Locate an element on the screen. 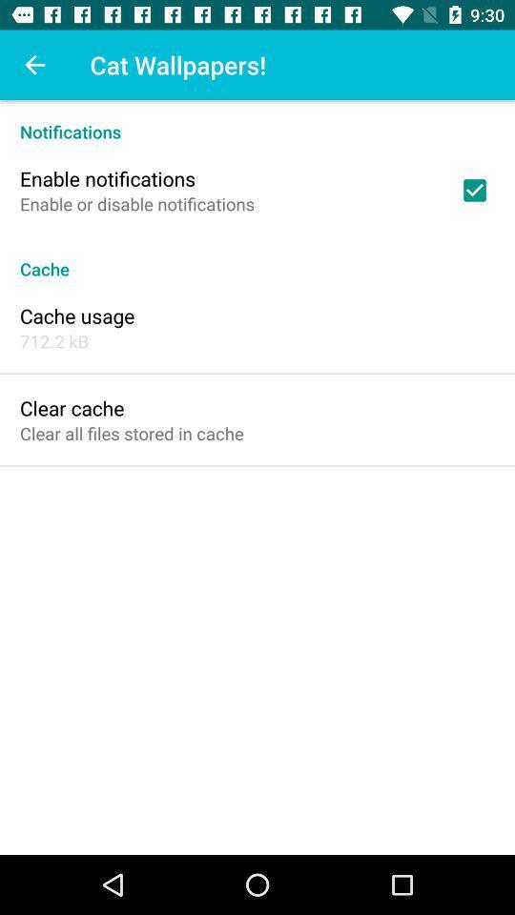  clear all files is located at coordinates (131, 433).